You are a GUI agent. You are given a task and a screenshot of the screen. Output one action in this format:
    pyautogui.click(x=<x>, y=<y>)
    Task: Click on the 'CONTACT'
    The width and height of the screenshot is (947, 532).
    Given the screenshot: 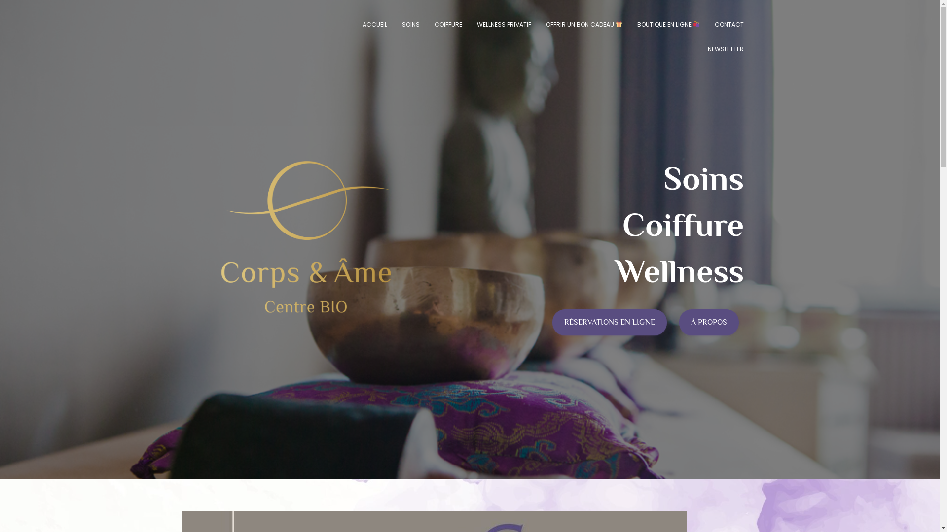 What is the action you would take?
    pyautogui.click(x=729, y=24)
    